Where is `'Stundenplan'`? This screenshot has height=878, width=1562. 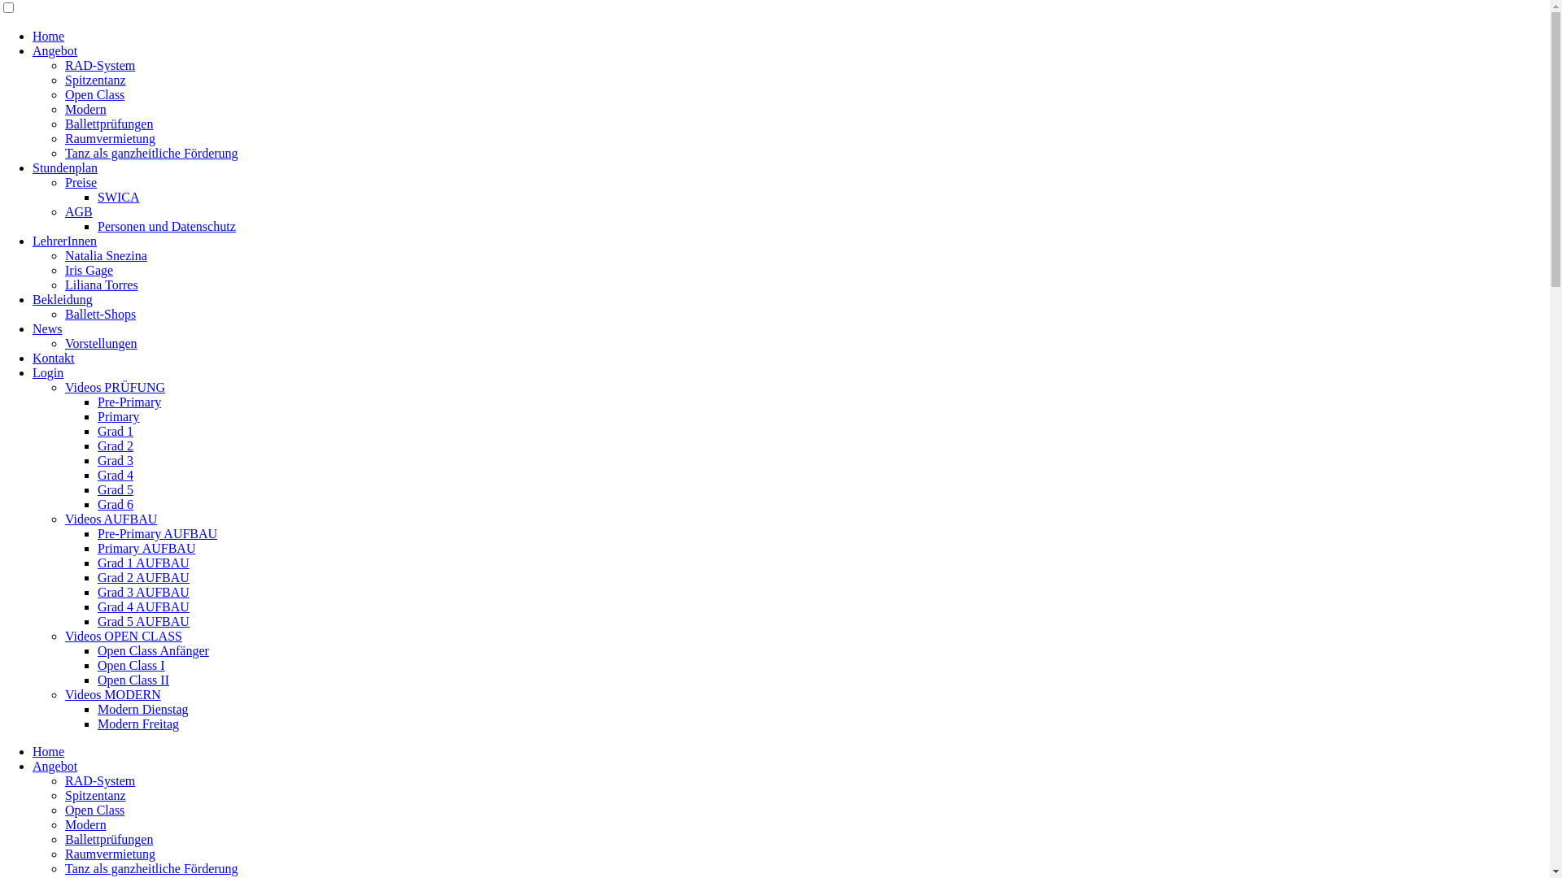 'Stundenplan' is located at coordinates (65, 167).